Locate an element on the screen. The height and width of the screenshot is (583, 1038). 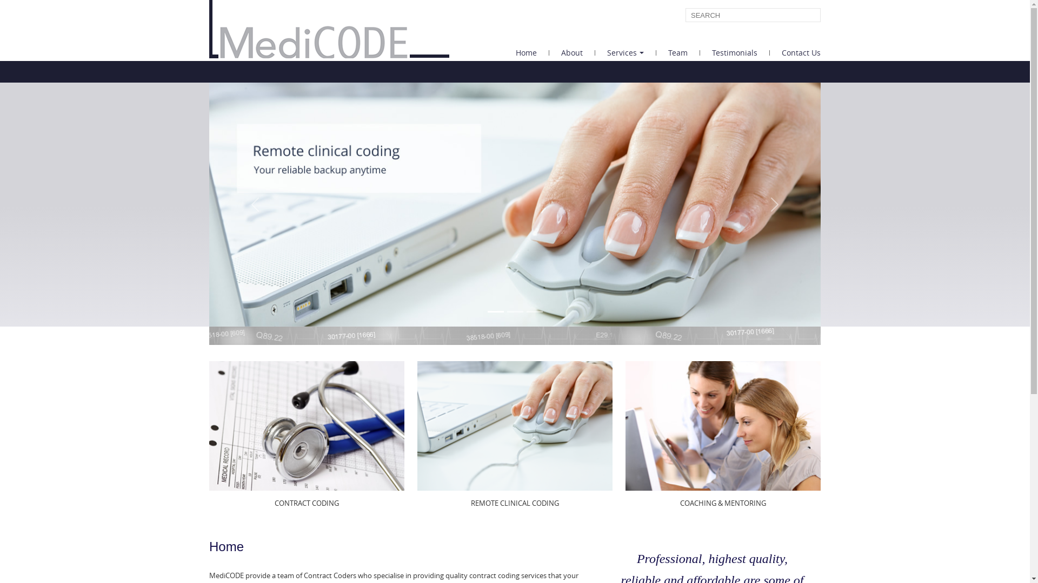
'About' is located at coordinates (549, 52).